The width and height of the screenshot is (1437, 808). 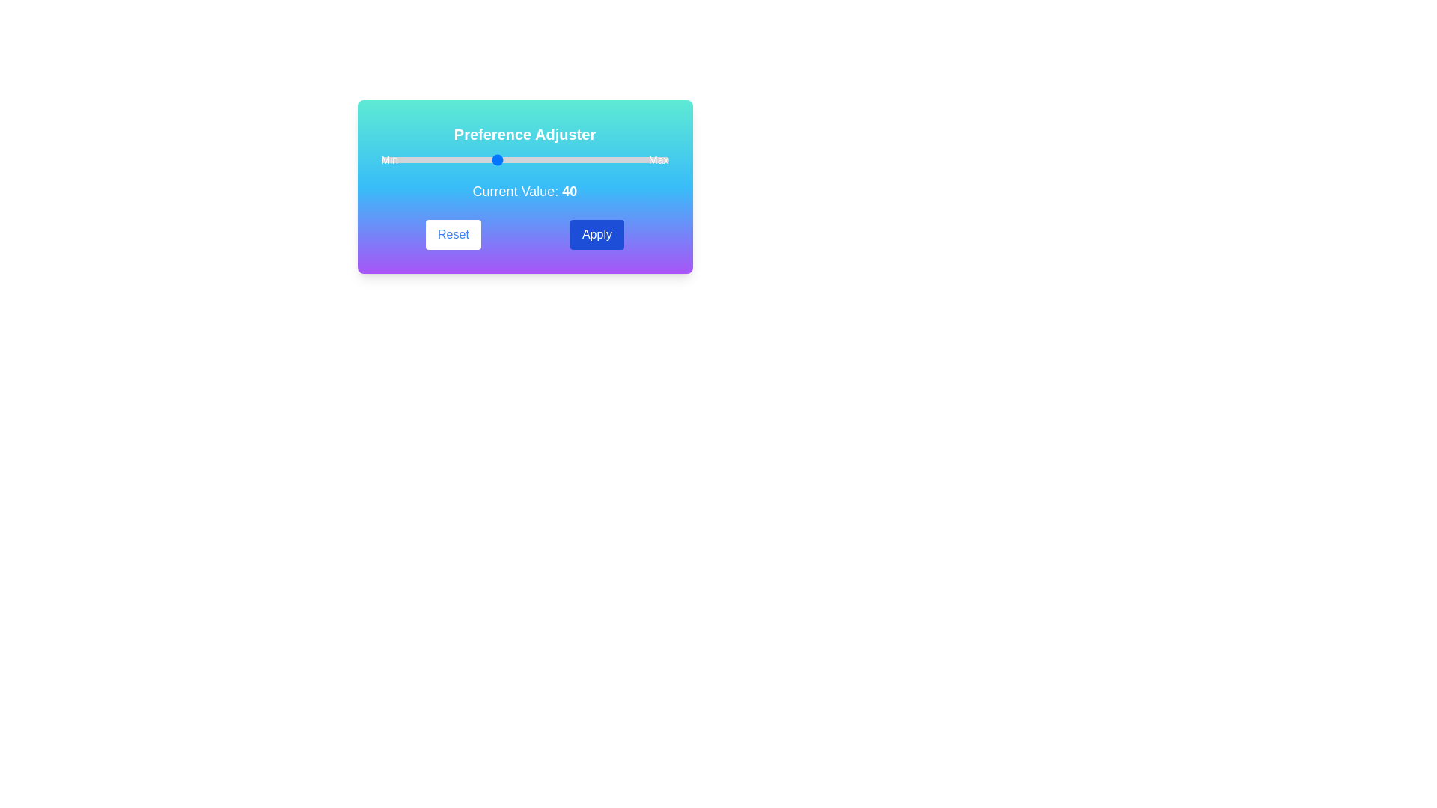 I want to click on the 'Reset' button to reset the preference value to its default setting, so click(x=452, y=234).